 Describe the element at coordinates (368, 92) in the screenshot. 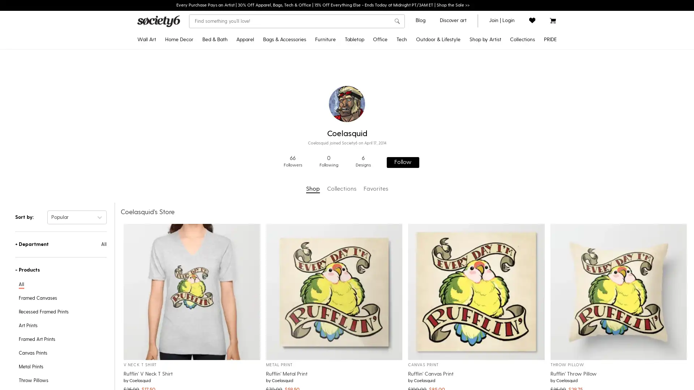

I see `Table Runners` at that location.